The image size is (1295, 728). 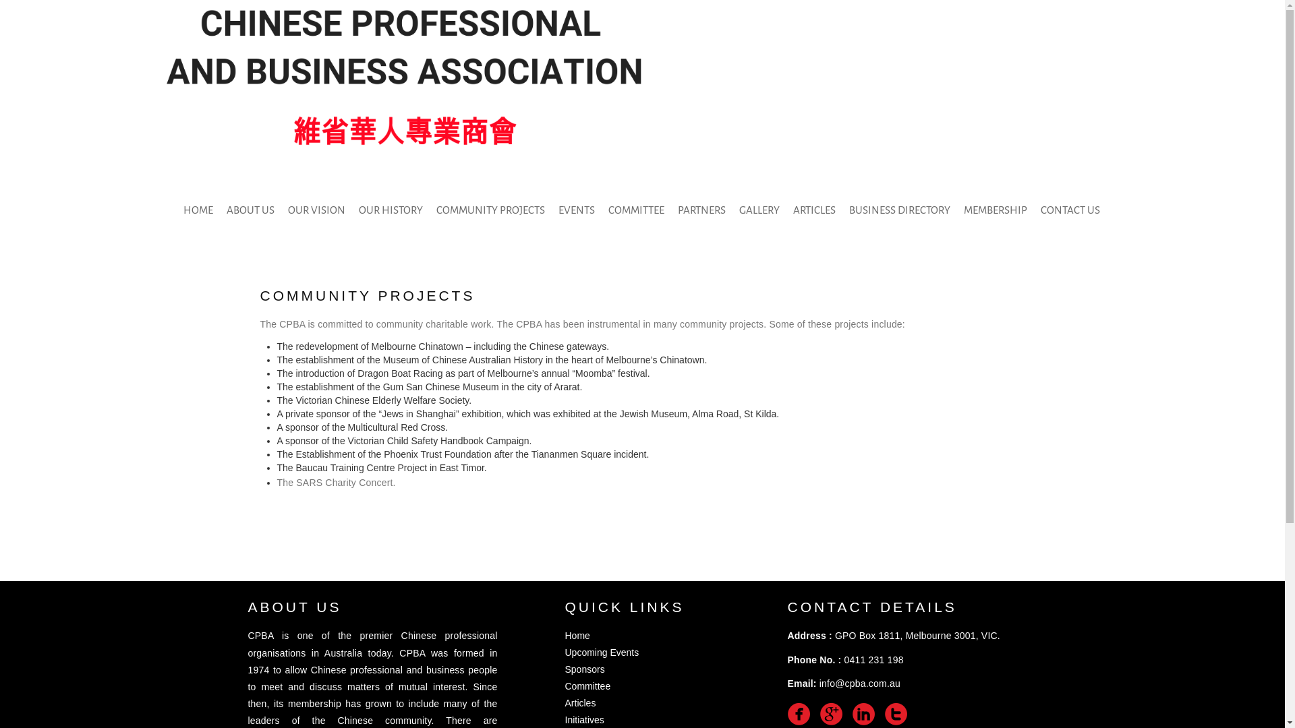 What do you see at coordinates (565, 719) in the screenshot?
I see `'Initiatives'` at bounding box center [565, 719].